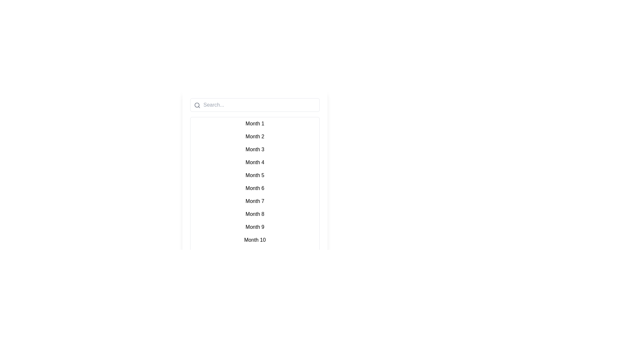 Image resolution: width=622 pixels, height=349 pixels. I want to click on the text label 'Month 7' which is part of a vertically aligned list of months, displayed in bold black font on a white background, so click(255, 201).